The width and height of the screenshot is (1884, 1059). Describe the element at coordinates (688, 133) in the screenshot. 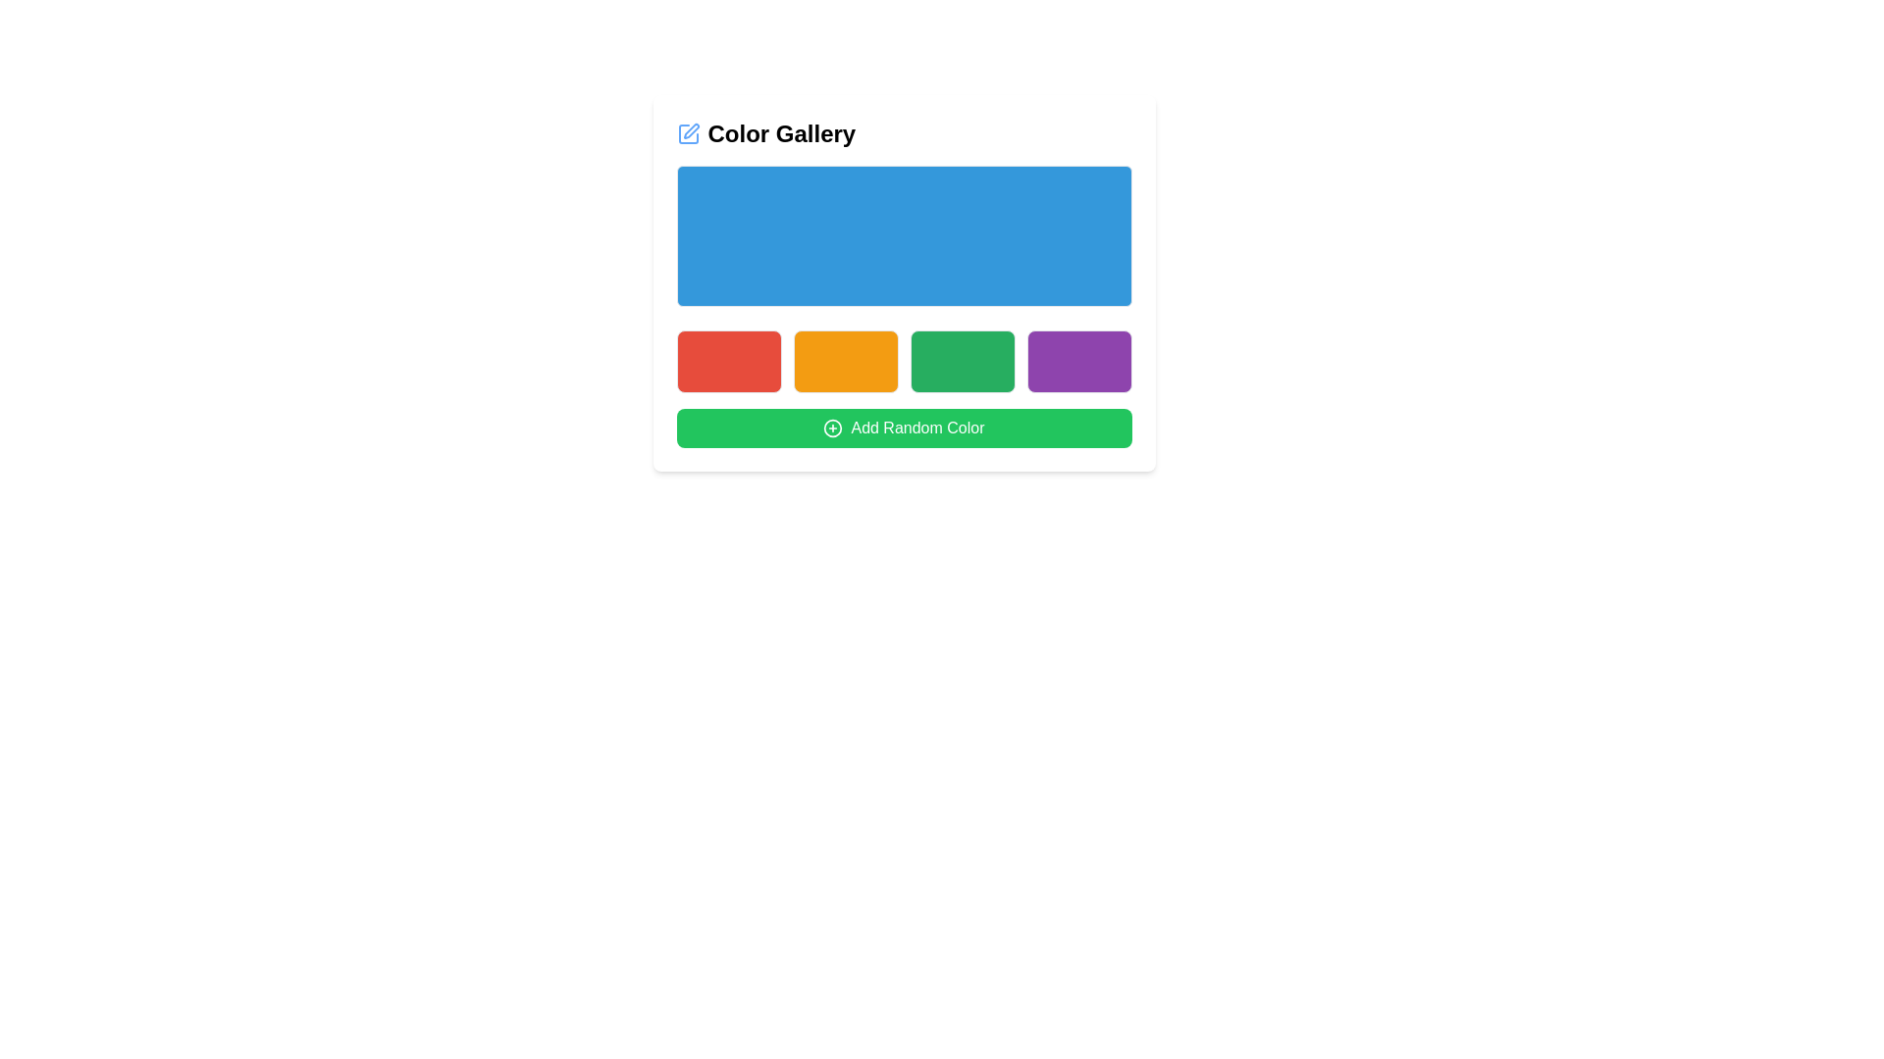

I see `the blue pen icon button located to the left of the 'Color Gallery' text` at that location.